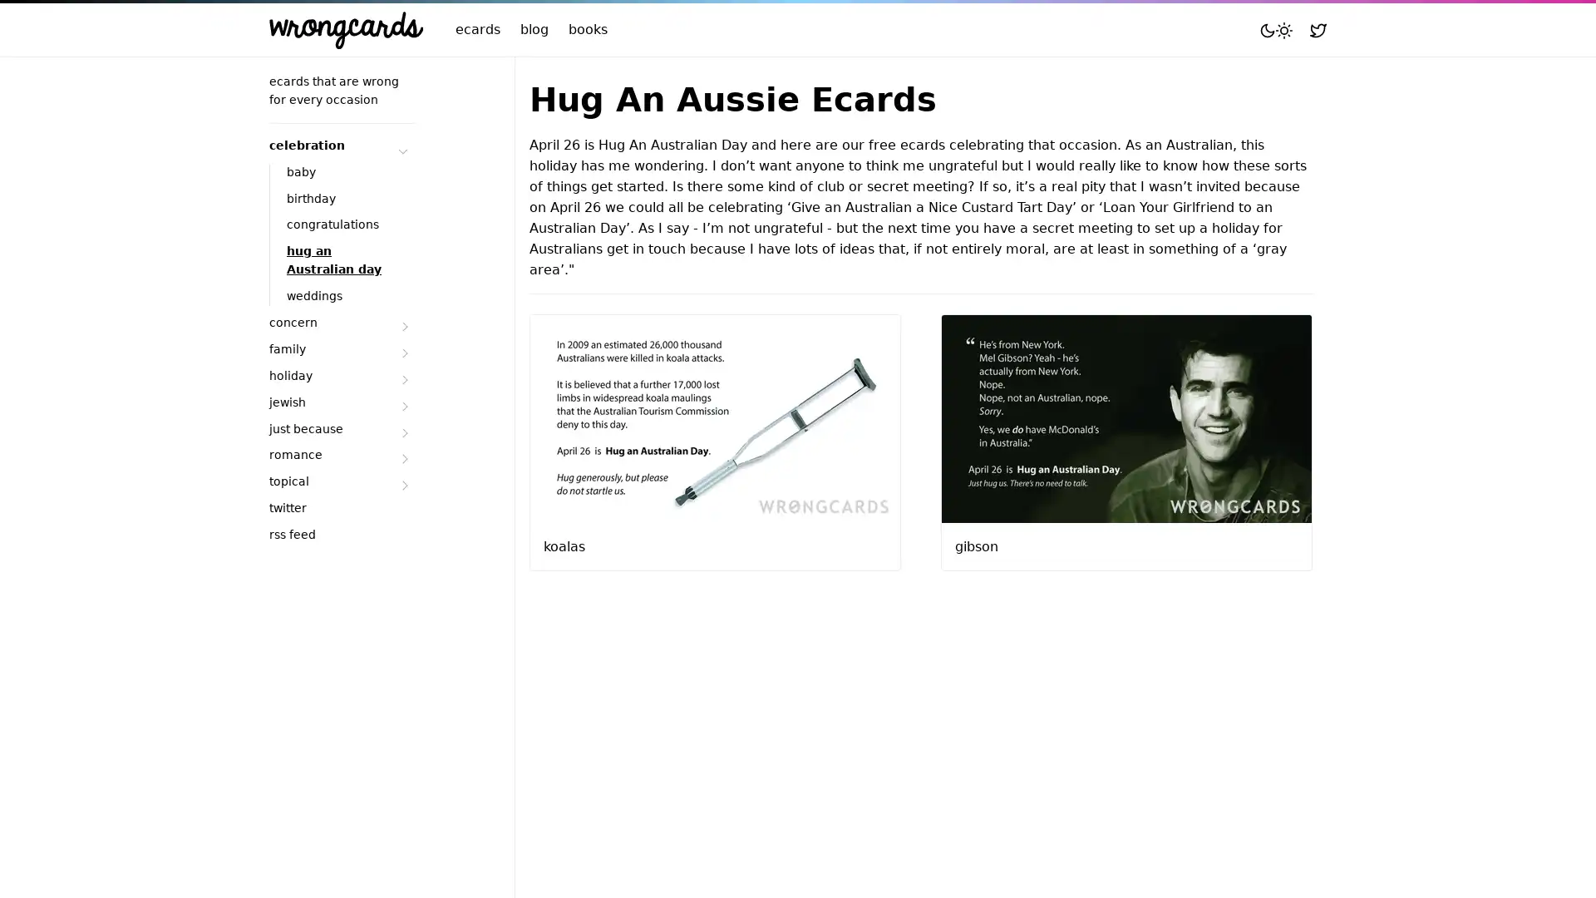 The image size is (1596, 898). What do you see at coordinates (402, 352) in the screenshot?
I see `Submenu` at bounding box center [402, 352].